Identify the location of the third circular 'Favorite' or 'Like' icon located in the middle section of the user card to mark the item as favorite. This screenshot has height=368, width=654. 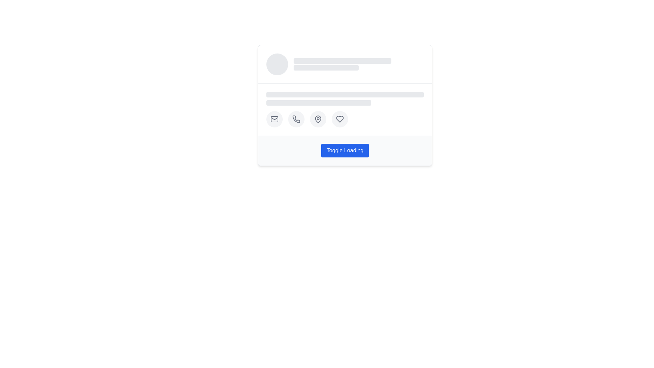
(340, 119).